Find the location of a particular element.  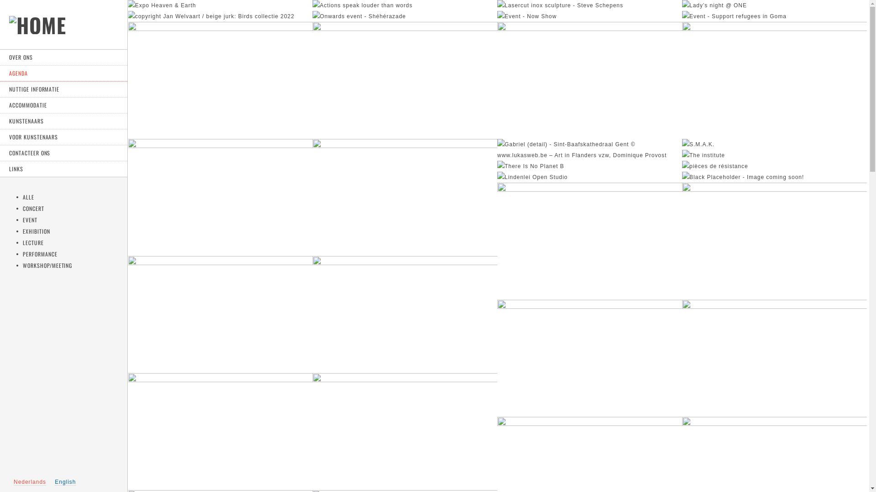

'Nederlands' is located at coordinates (13, 482).